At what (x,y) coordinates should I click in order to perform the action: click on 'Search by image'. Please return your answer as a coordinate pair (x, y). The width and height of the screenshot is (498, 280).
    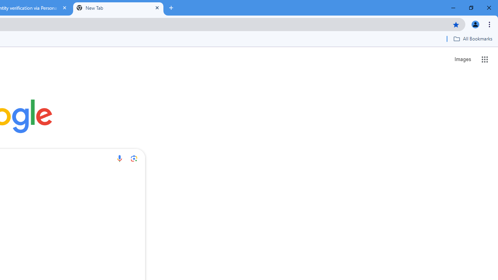
    Looking at the image, I should click on (134, 158).